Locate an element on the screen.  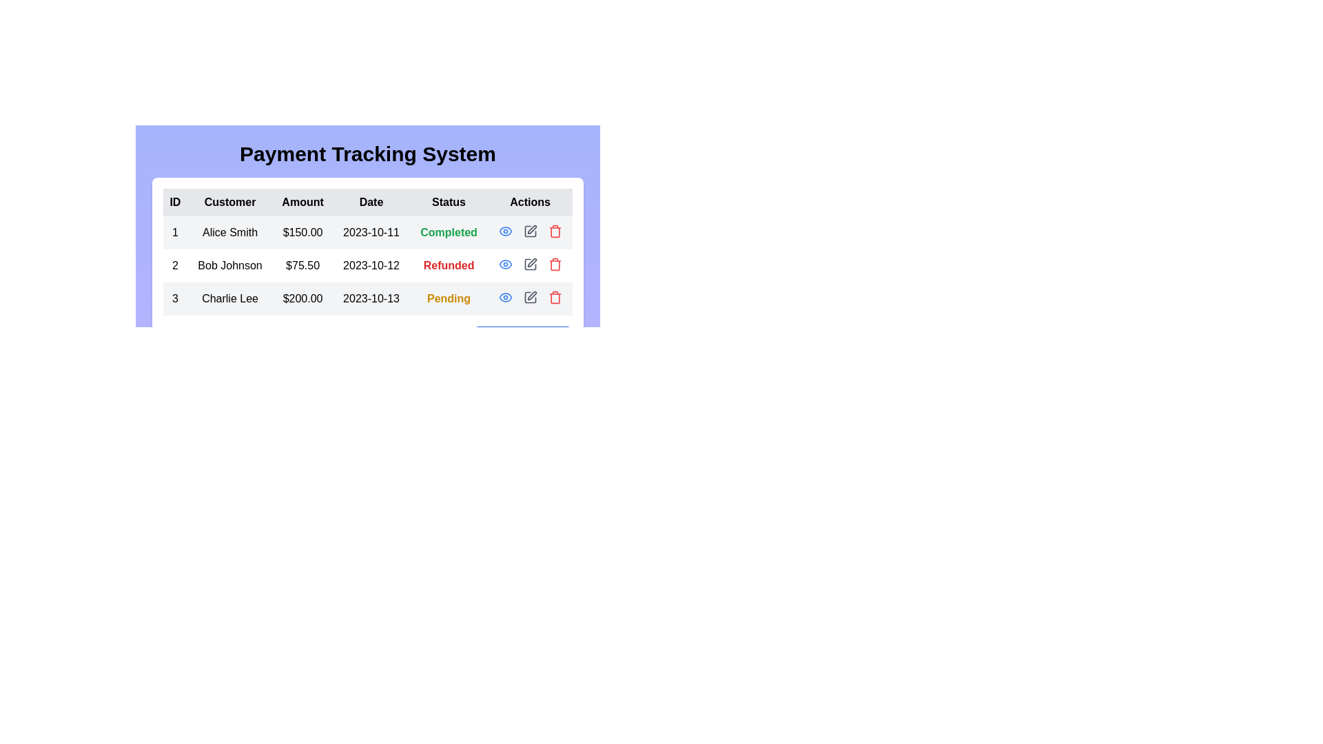
text content of the third row in the 'Payment Tracking System' table, which includes details about transaction ID '3', customer name 'Charlie Lee', transaction amount '$200.00', date '2023-10-13', and status 'Pending' is located at coordinates (367, 298).